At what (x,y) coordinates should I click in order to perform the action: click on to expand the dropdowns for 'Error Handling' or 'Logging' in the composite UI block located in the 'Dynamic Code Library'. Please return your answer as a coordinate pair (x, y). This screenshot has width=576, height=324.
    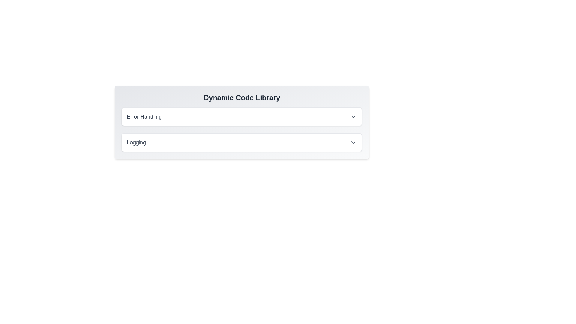
    Looking at the image, I should click on (242, 129).